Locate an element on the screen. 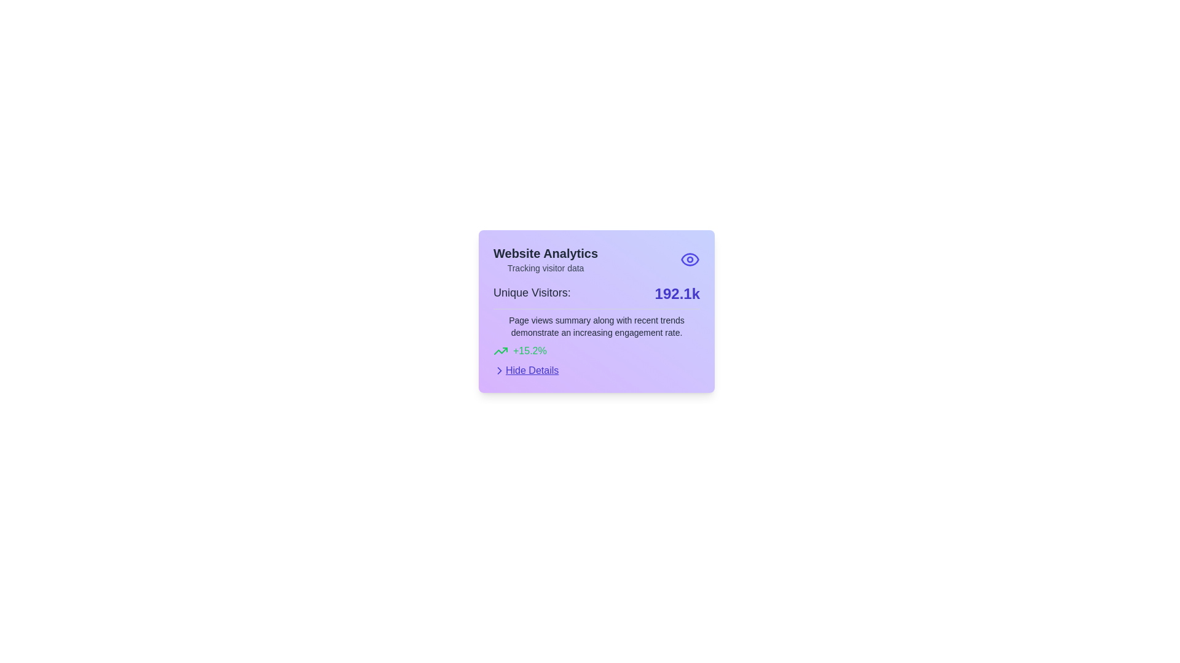 This screenshot has height=663, width=1180. analytical insights text section located between the 'Unique Visitors: 192.1k' and 'Hide Details' link in the data analytics card is located at coordinates (596, 333).